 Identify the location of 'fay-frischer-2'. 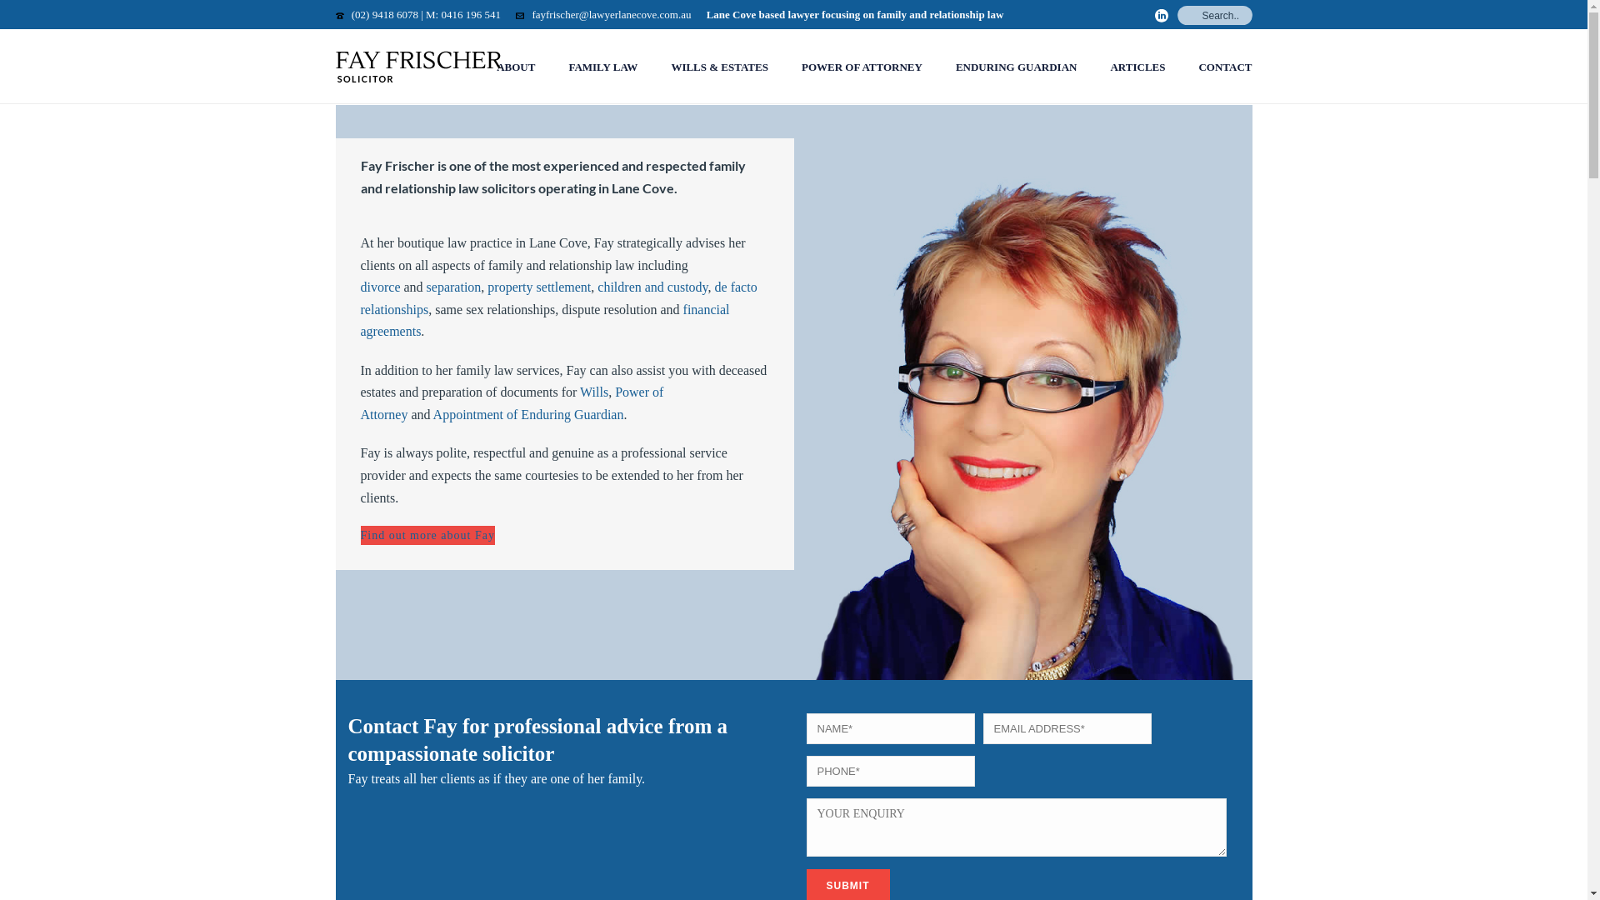
(1022, 408).